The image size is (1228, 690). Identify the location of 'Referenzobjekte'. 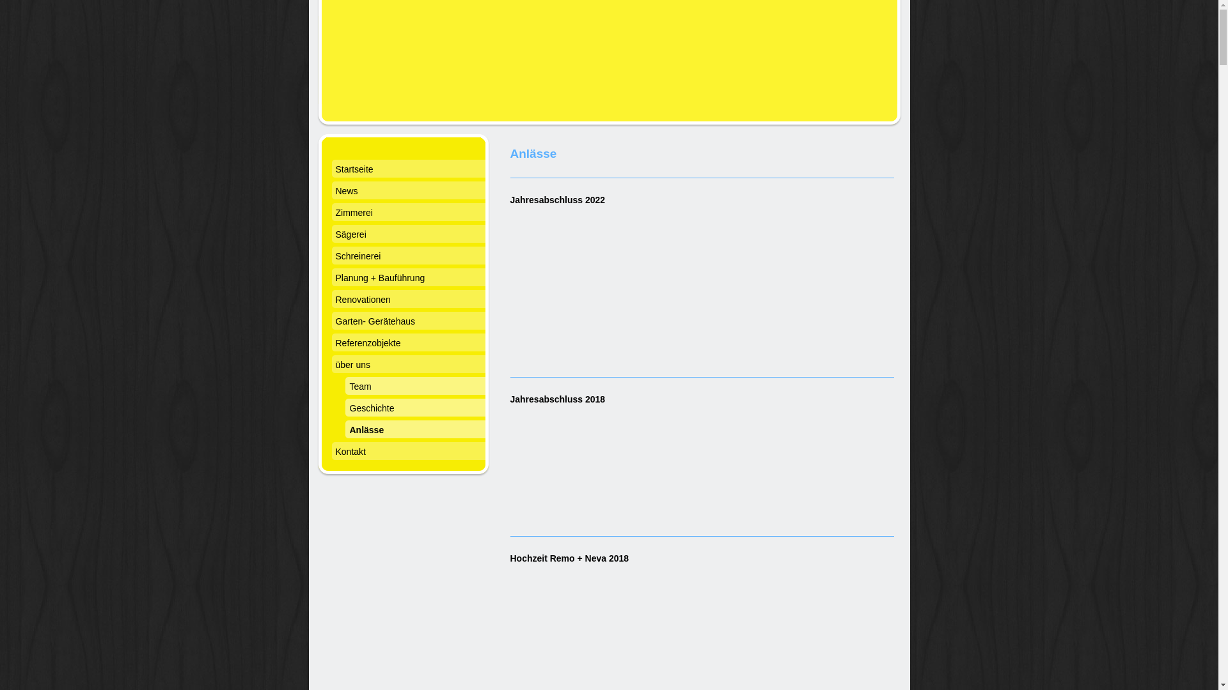
(407, 344).